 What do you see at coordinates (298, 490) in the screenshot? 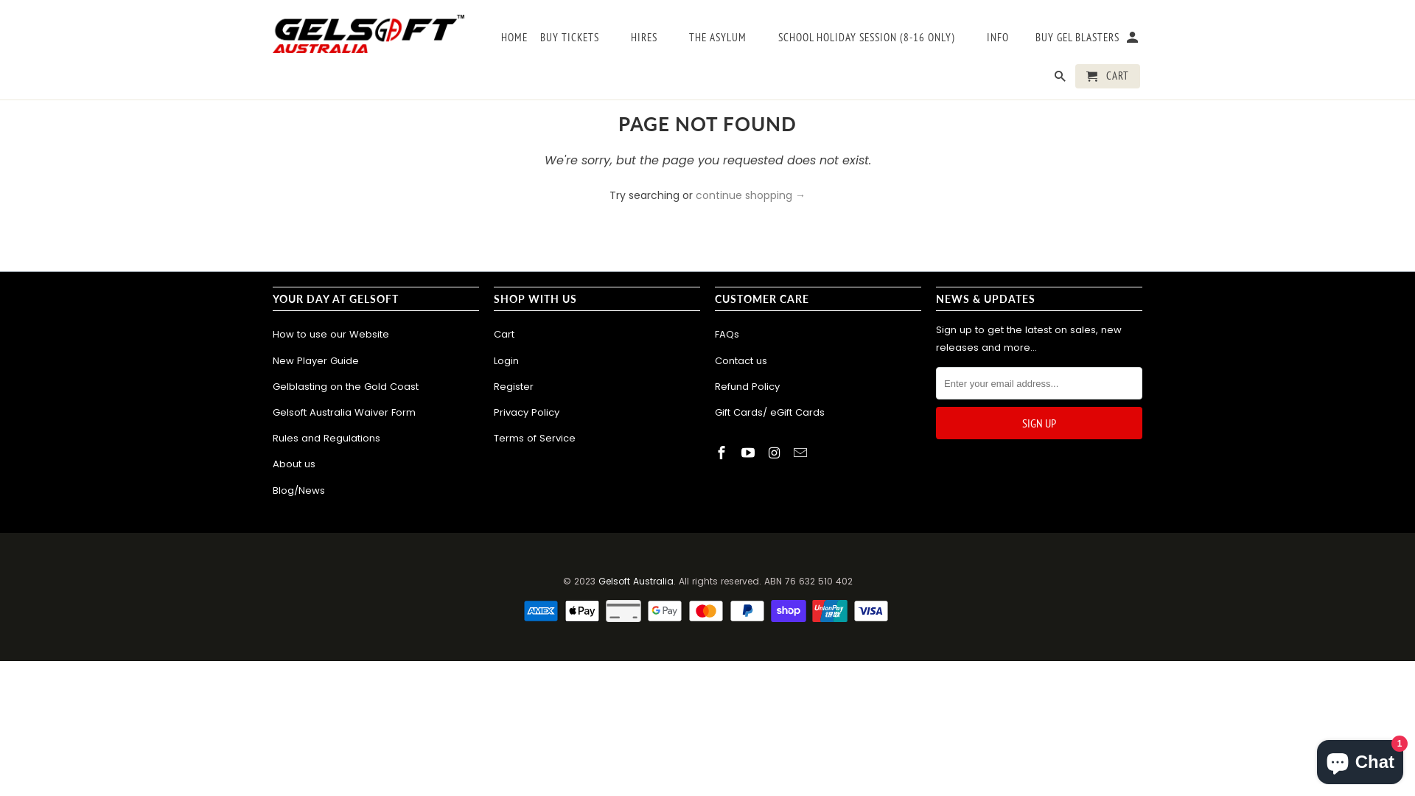
I see `'Blog/News'` at bounding box center [298, 490].